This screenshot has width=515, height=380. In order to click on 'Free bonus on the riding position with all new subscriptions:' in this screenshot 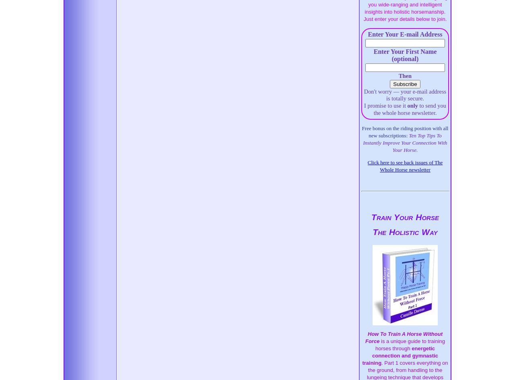, I will do `click(405, 132)`.